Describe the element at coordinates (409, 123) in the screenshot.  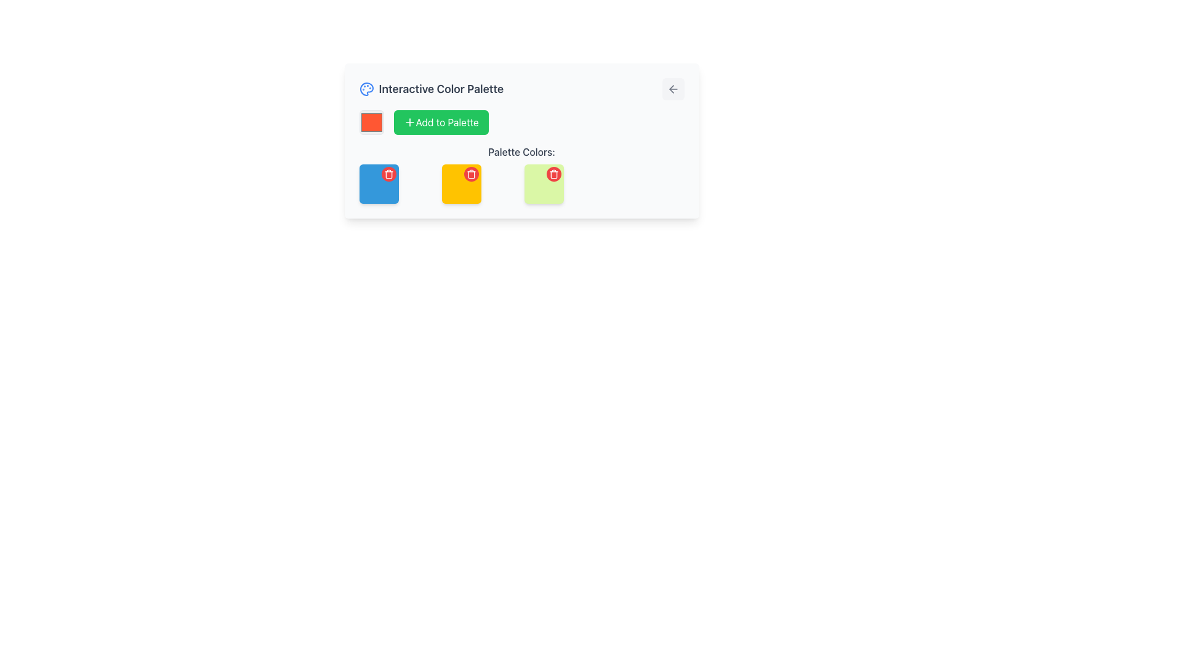
I see `the 'add' icon located inside the green 'Add to Palette' button` at that location.